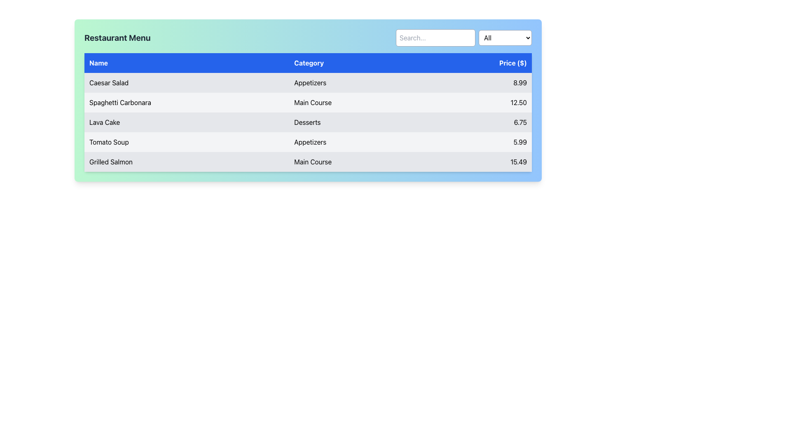 This screenshot has width=791, height=445. What do you see at coordinates (308, 82) in the screenshot?
I see `the first row of the menu table displaying 'Caesar Salad', 'Appetizers', and '$8.99'` at bounding box center [308, 82].